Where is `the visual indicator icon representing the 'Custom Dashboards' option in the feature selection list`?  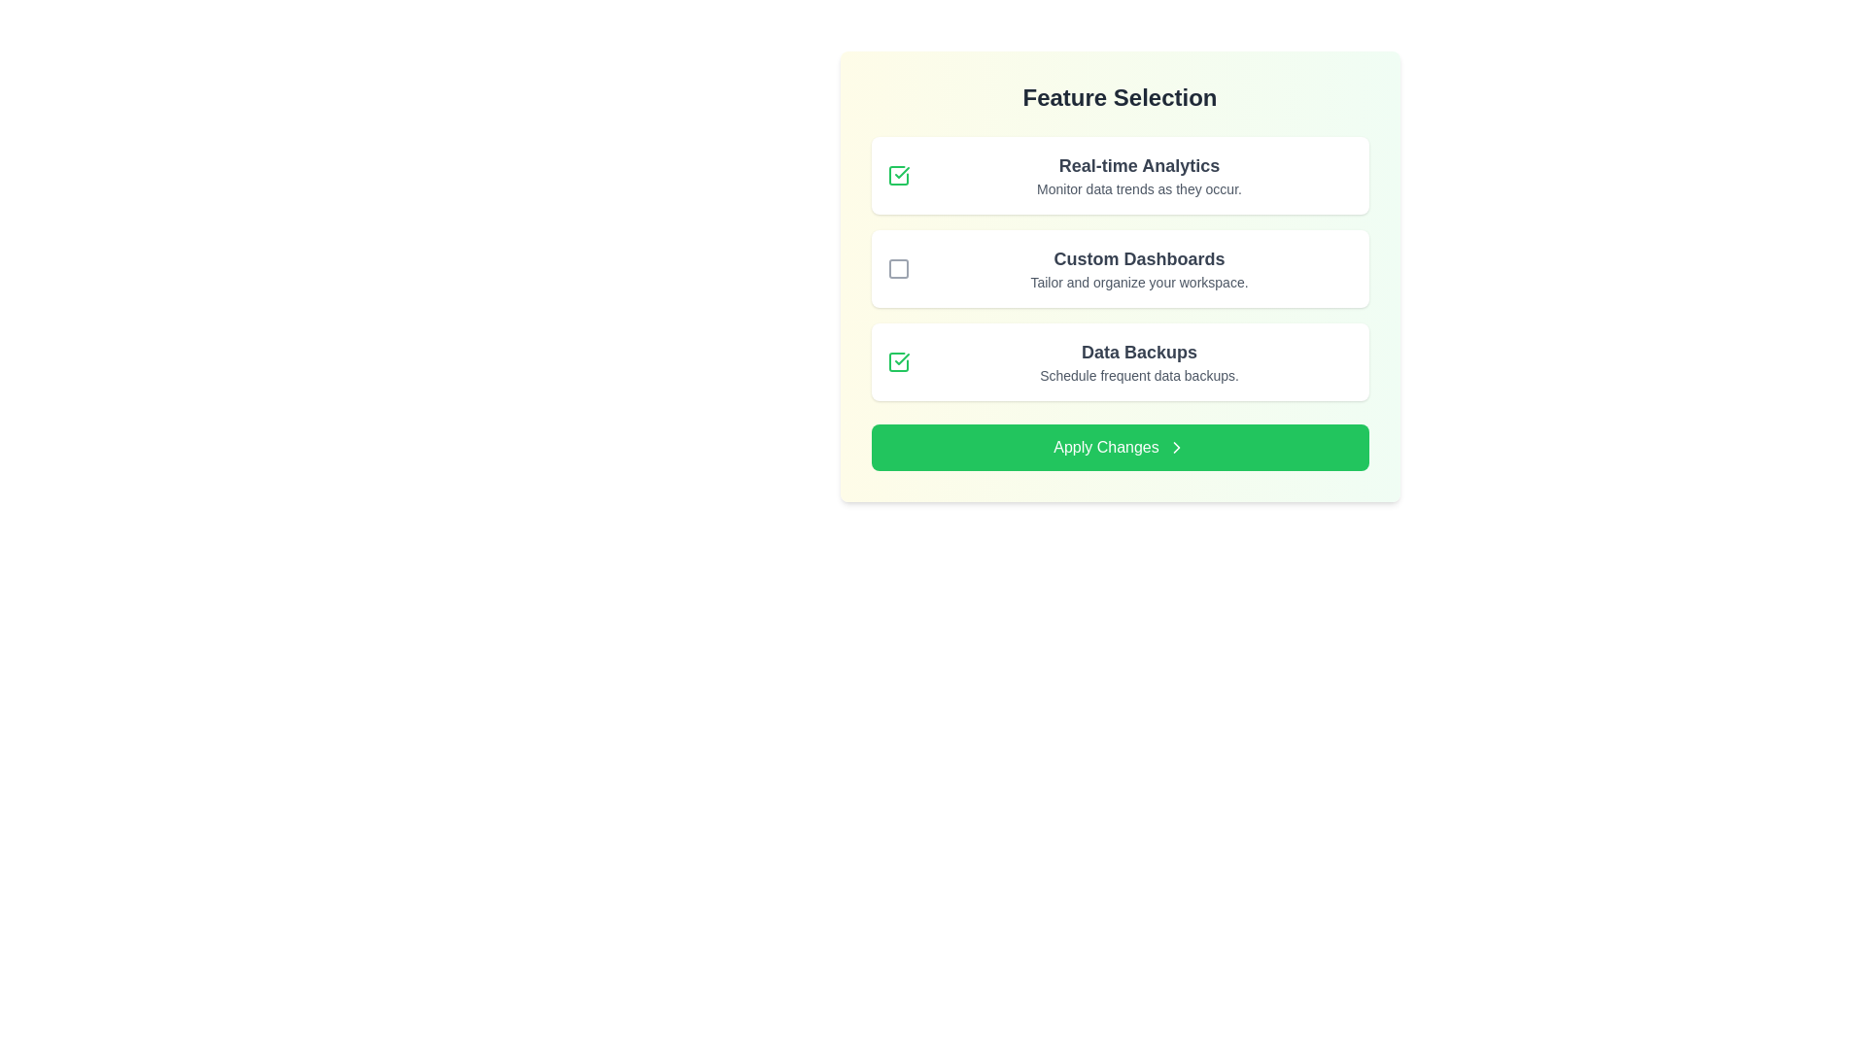 the visual indicator icon representing the 'Custom Dashboards' option in the feature selection list is located at coordinates (897, 269).